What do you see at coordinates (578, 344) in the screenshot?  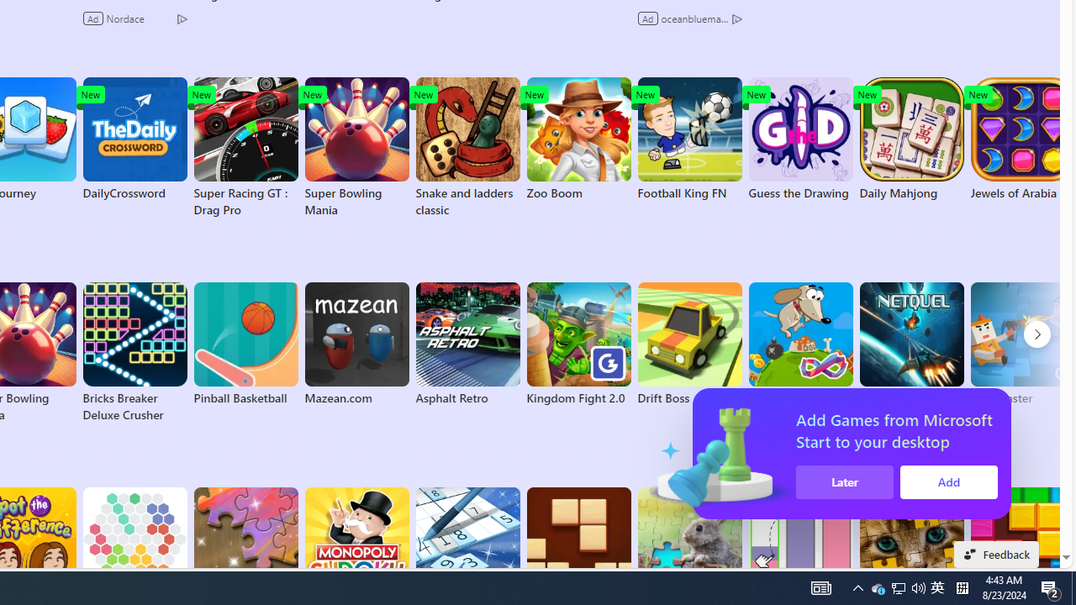 I see `'Kingdom Fight 2.0'` at bounding box center [578, 344].